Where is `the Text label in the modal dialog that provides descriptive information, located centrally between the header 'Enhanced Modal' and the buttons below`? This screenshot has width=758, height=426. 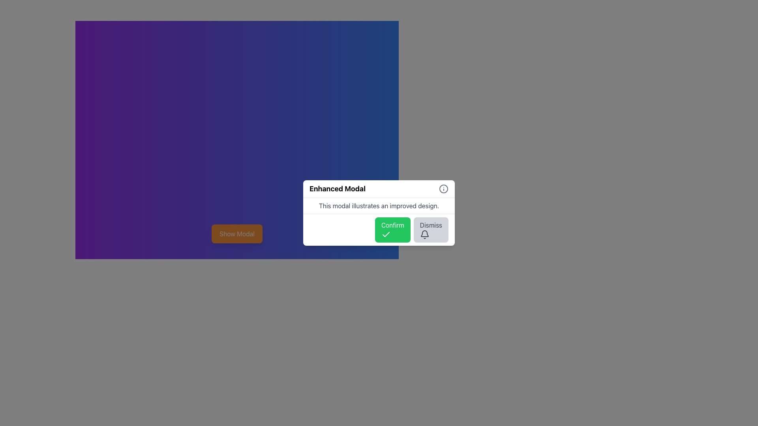 the Text label in the modal dialog that provides descriptive information, located centrally between the header 'Enhanced Modal' and the buttons below is located at coordinates (379, 205).